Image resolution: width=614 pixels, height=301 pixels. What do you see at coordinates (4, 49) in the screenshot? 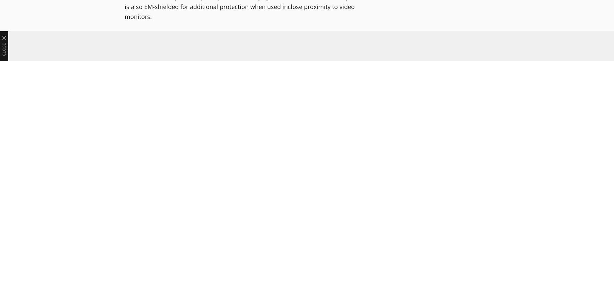
I see `'Close'` at bounding box center [4, 49].